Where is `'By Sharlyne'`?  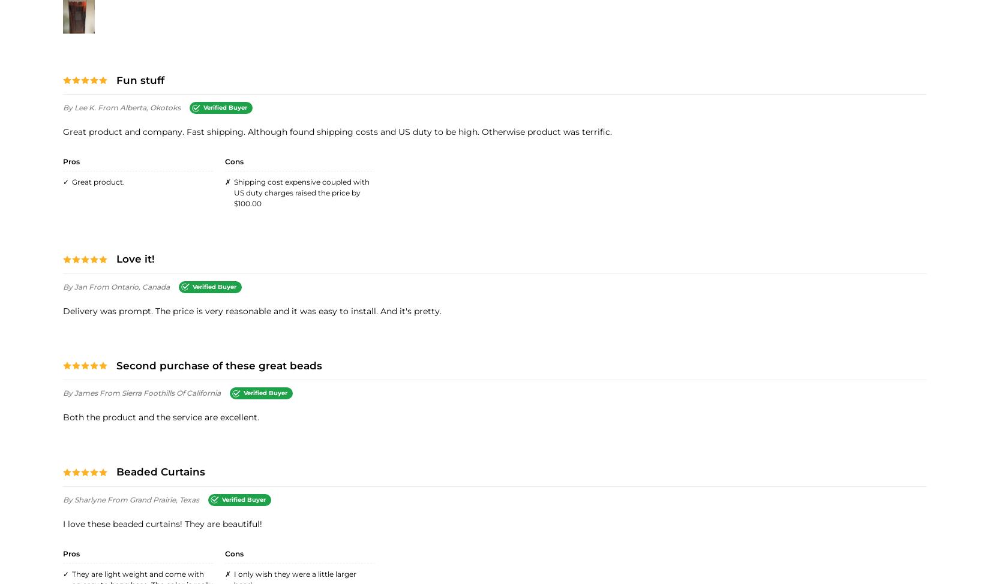
'By Sharlyne' is located at coordinates (62, 499).